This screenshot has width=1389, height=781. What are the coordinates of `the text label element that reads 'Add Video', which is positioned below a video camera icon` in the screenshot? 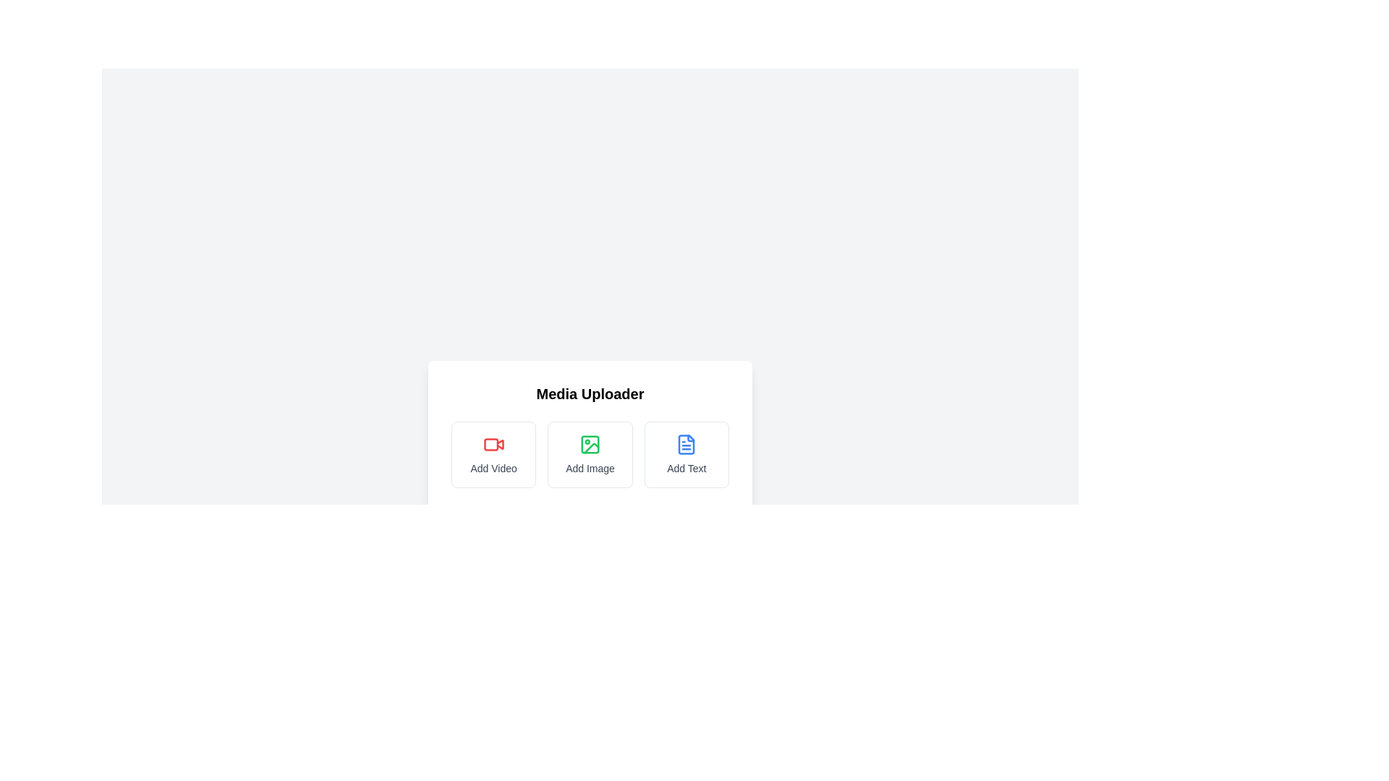 It's located at (493, 469).